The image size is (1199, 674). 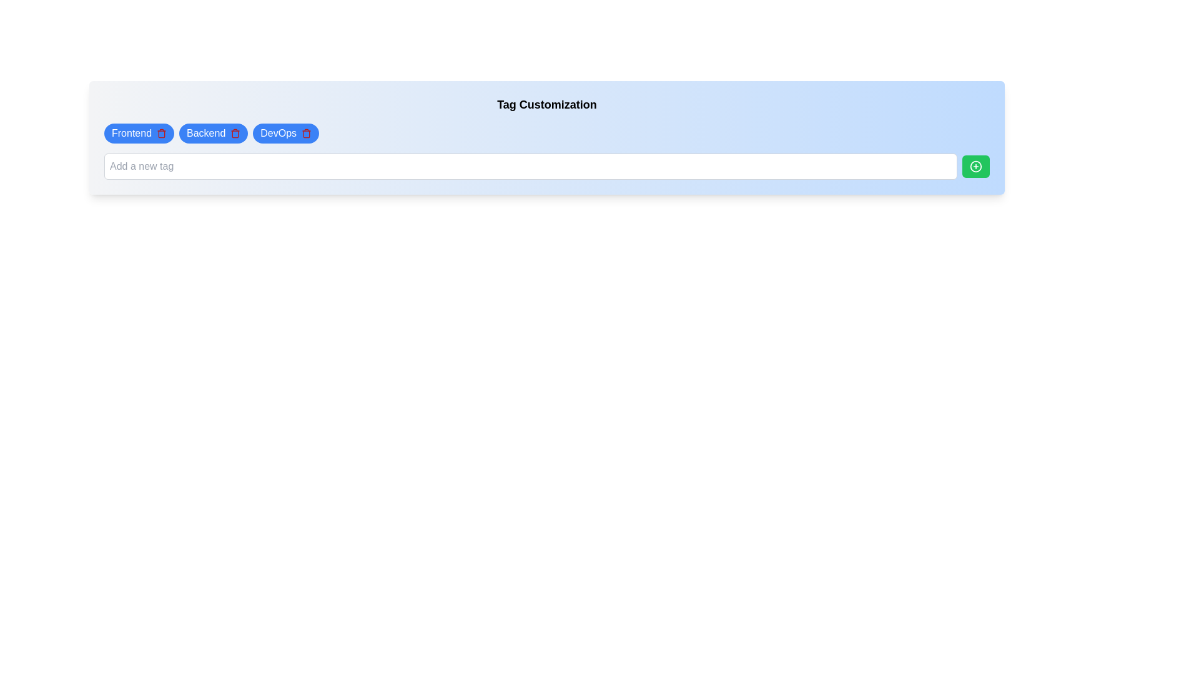 What do you see at coordinates (161, 133) in the screenshot?
I see `the delete button associated with the 'Frontend' tag` at bounding box center [161, 133].